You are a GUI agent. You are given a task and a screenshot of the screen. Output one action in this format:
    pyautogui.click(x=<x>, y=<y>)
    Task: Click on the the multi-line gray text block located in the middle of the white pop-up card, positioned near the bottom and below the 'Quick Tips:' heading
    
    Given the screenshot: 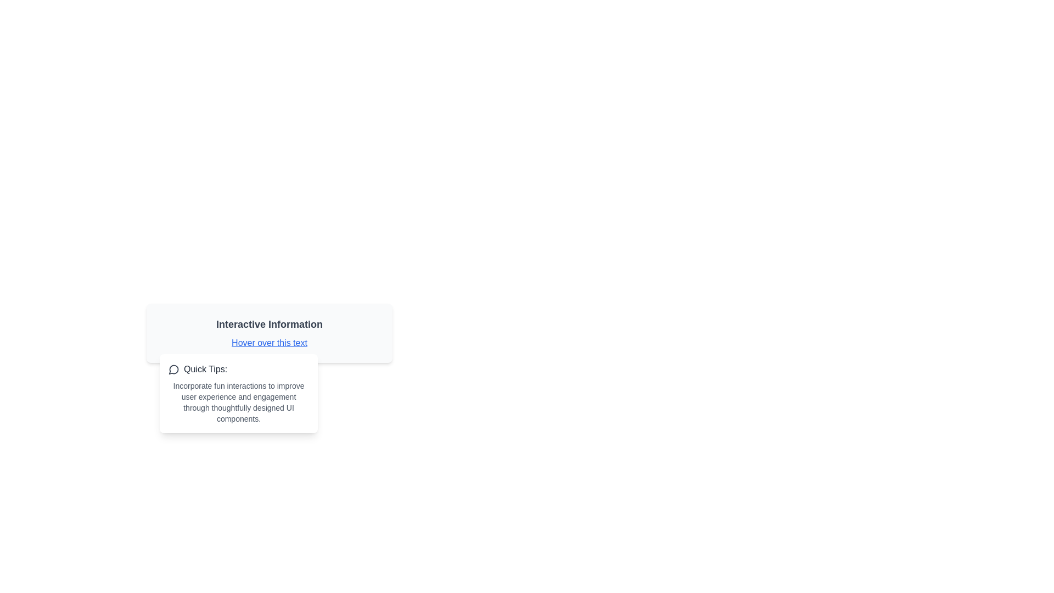 What is the action you would take?
    pyautogui.click(x=238, y=402)
    